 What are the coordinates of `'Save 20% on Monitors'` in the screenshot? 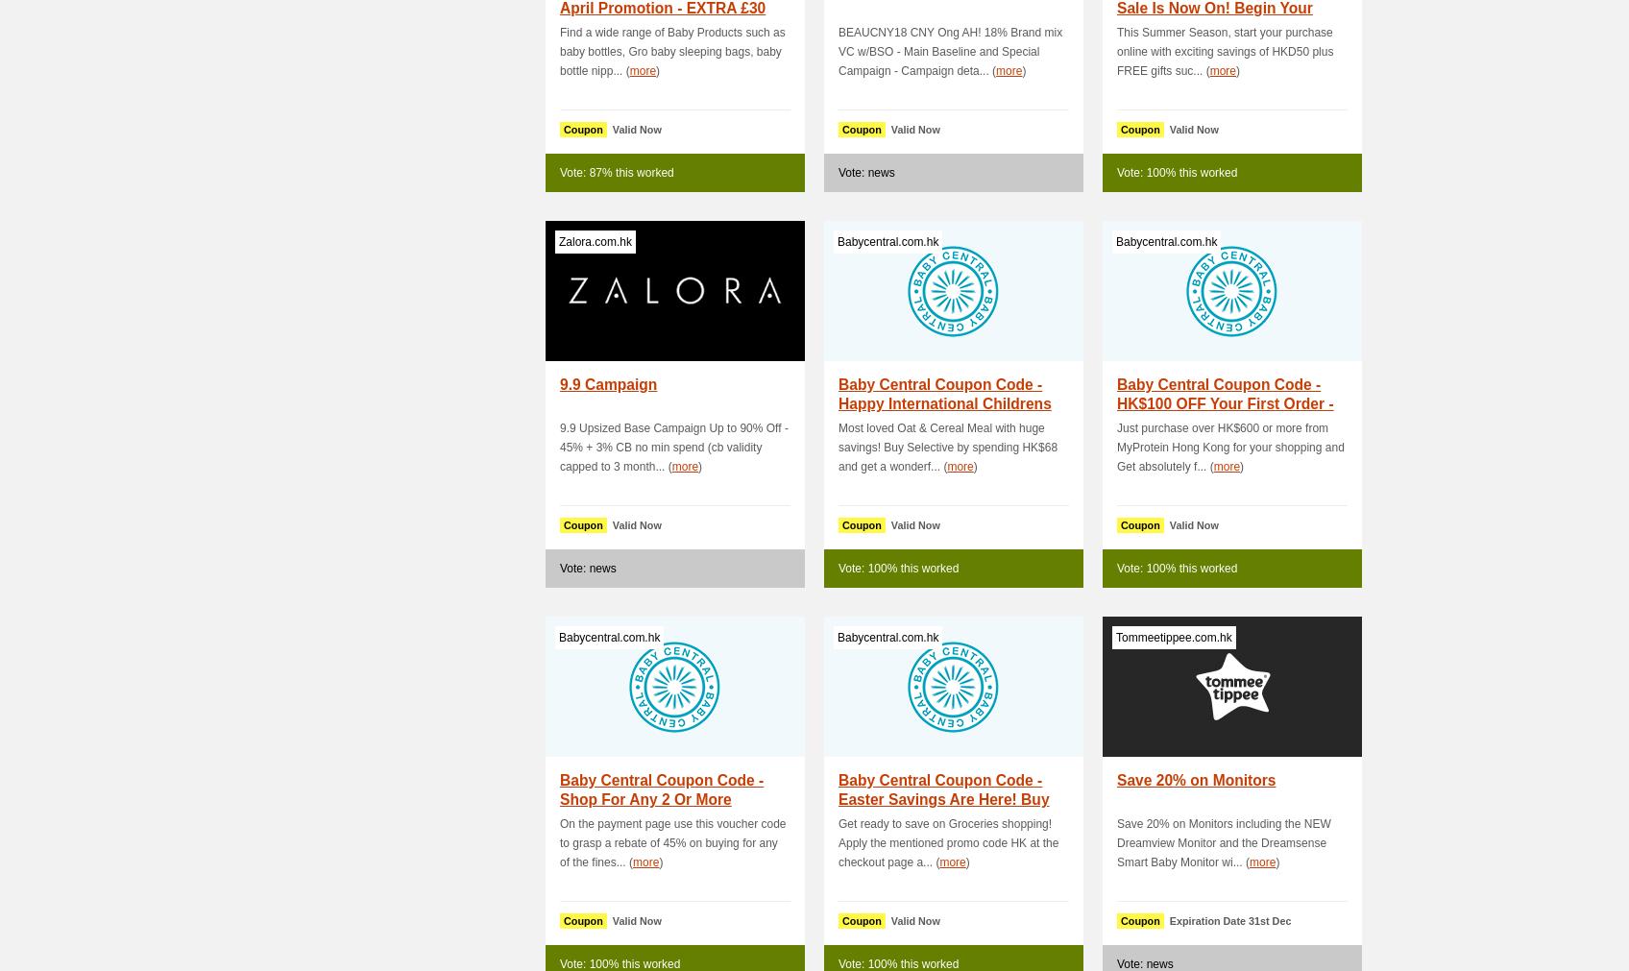 It's located at (1195, 779).